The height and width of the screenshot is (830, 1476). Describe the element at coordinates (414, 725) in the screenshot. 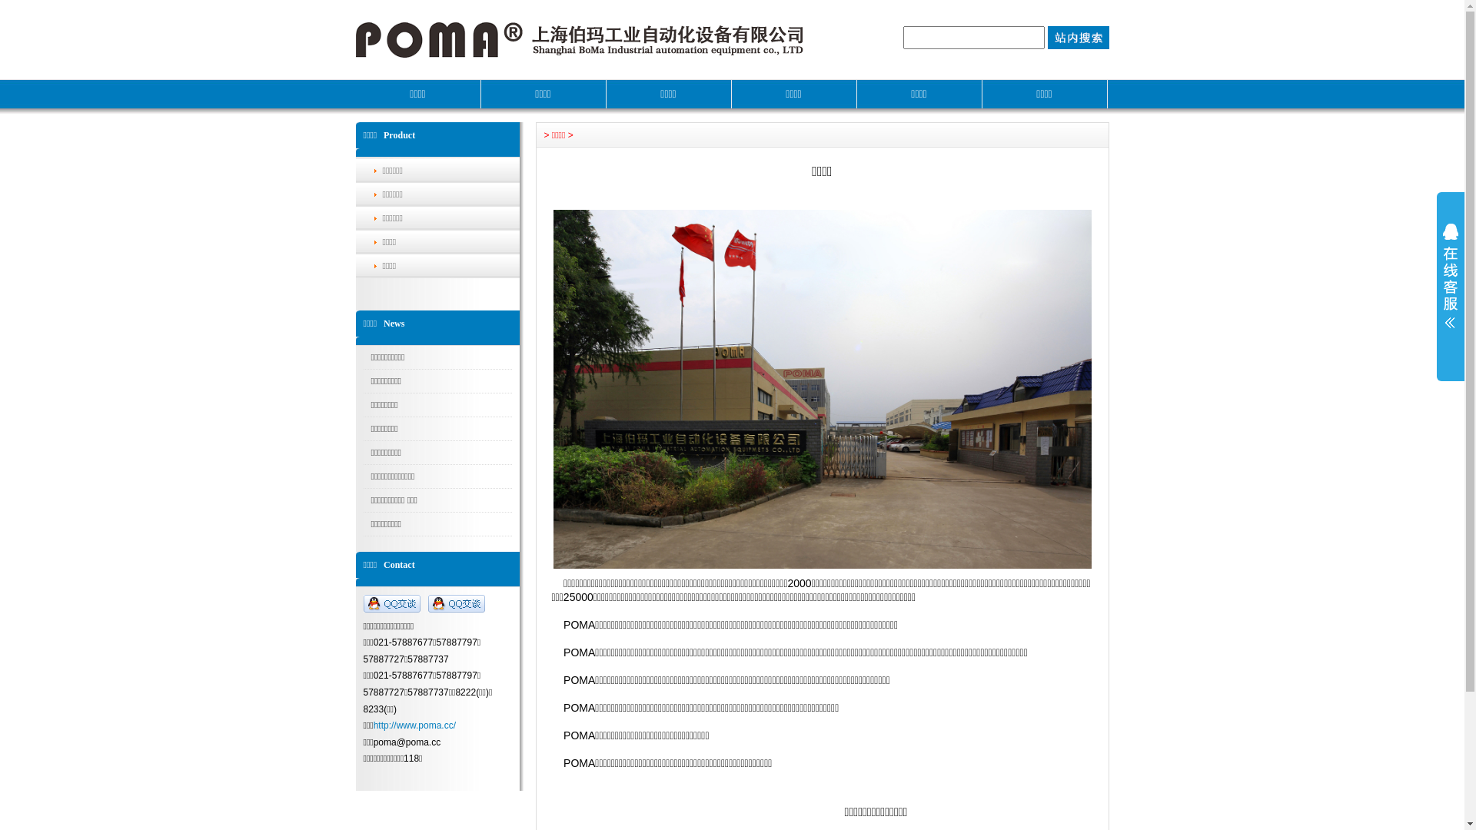

I see `'http://www.poma.cc/'` at that location.